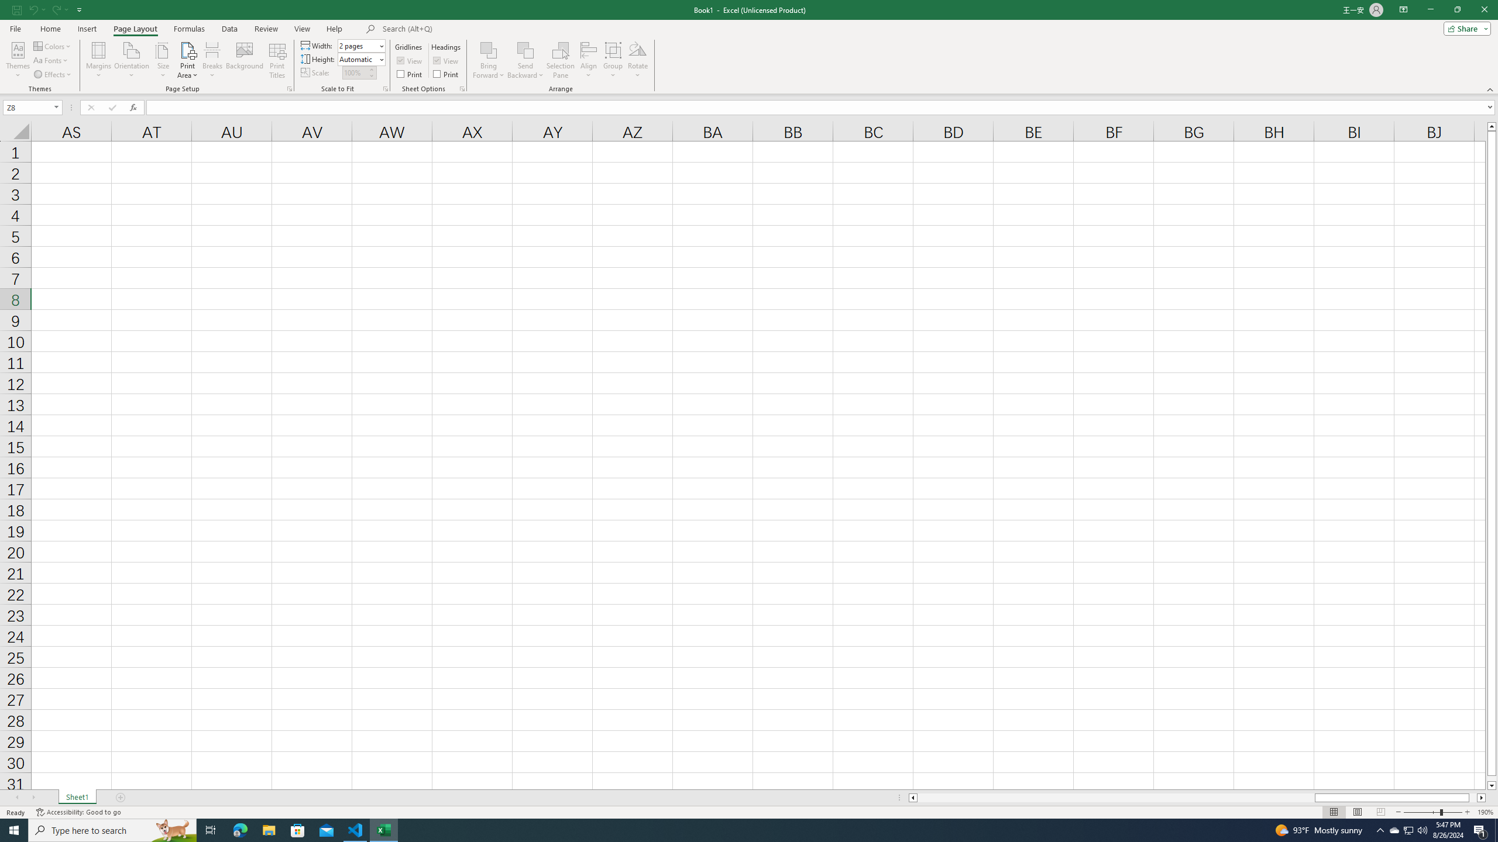  What do you see at coordinates (525, 60) in the screenshot?
I see `'Send Backward'` at bounding box center [525, 60].